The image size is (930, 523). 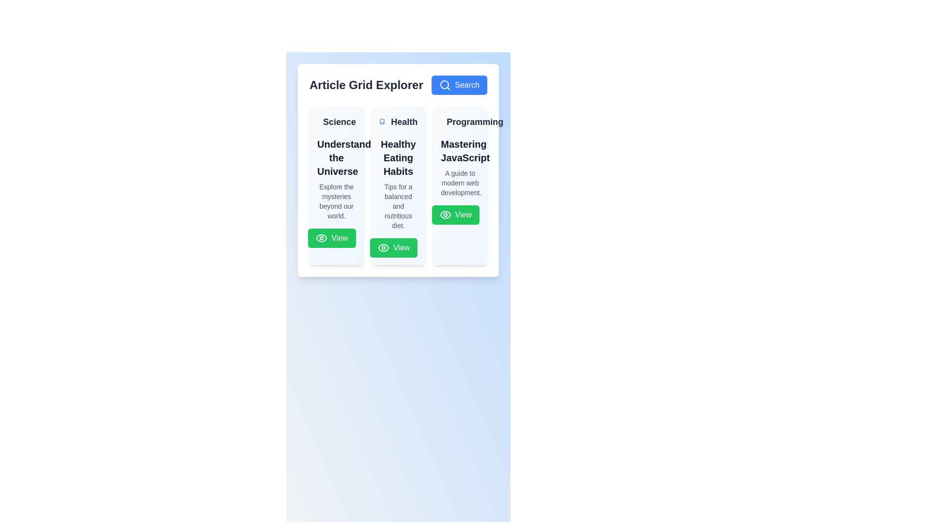 I want to click on the decorative 'Health' icon located in the middle column, positioned left to the 'Health' label and centered vertically with it, so click(x=381, y=121).